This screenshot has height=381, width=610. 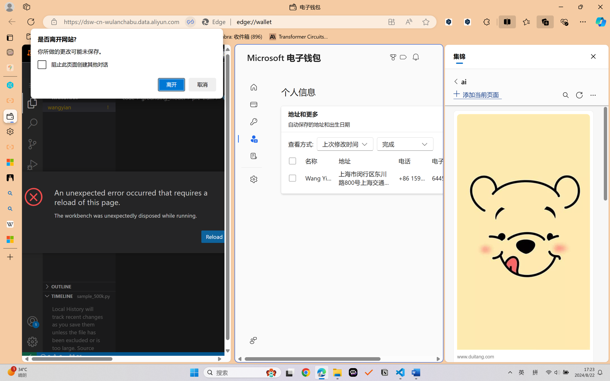 I want to click on 'Wang Yian', so click(x=318, y=178).